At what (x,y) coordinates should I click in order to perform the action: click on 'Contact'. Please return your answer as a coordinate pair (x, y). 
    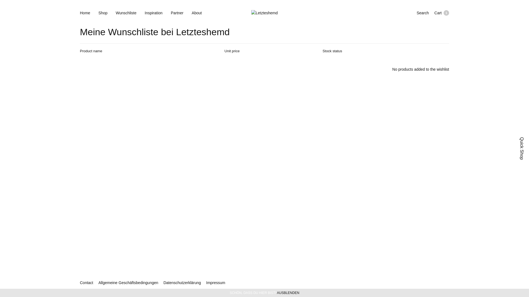
    Looking at the image, I should click on (86, 283).